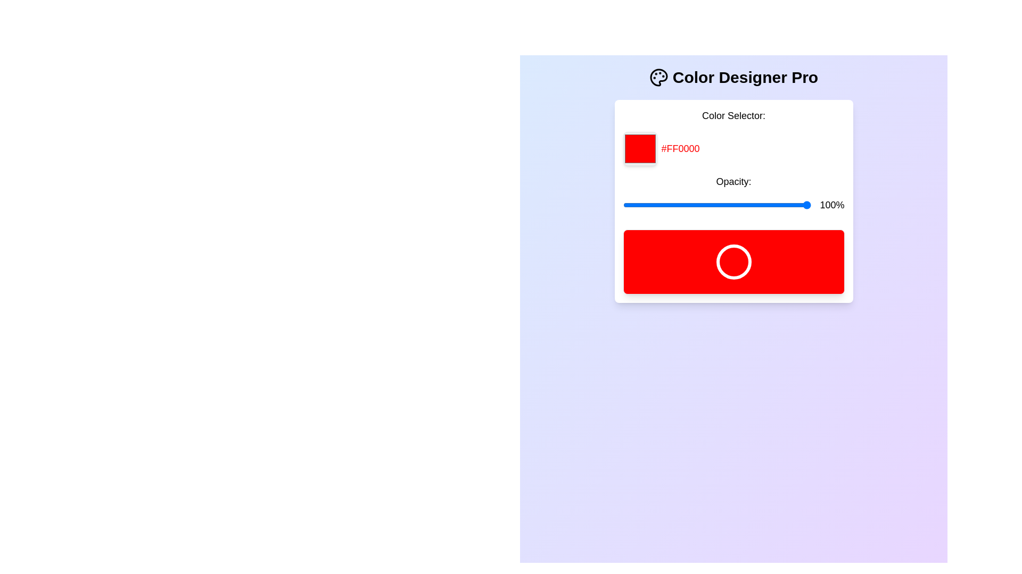 The width and height of the screenshot is (1022, 574). I want to click on the opacity slider, so click(756, 205).